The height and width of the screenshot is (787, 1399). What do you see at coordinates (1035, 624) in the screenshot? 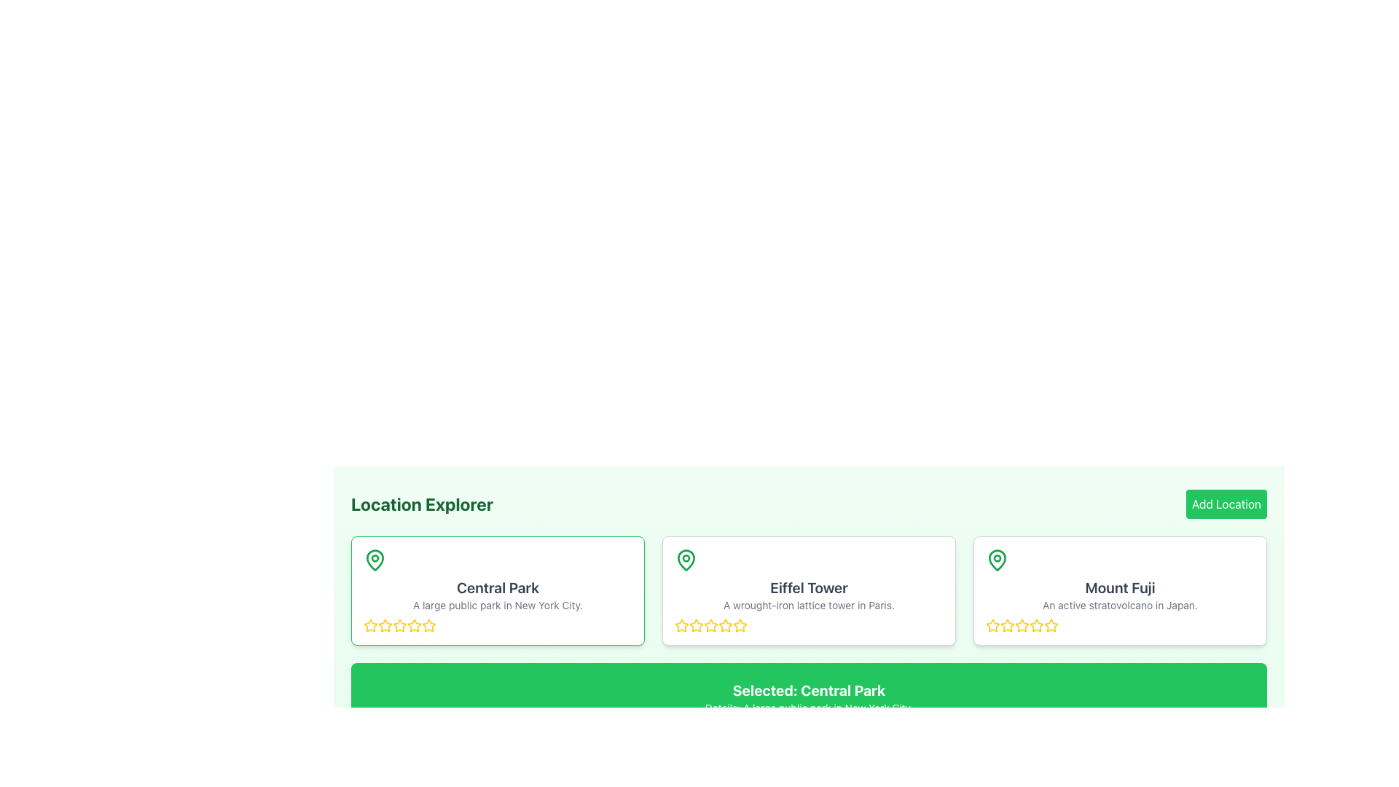
I see `the third star rating icon filled with yellow color` at bounding box center [1035, 624].